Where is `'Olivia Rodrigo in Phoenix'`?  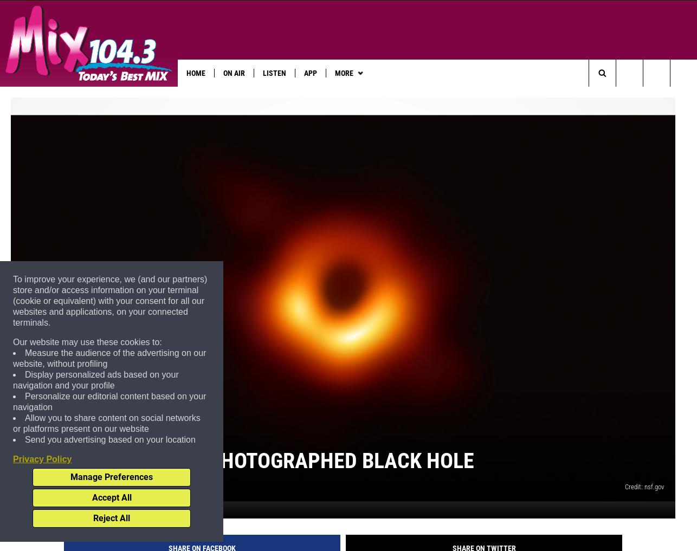
'Olivia Rodrigo in Phoenix' is located at coordinates (459, 95).